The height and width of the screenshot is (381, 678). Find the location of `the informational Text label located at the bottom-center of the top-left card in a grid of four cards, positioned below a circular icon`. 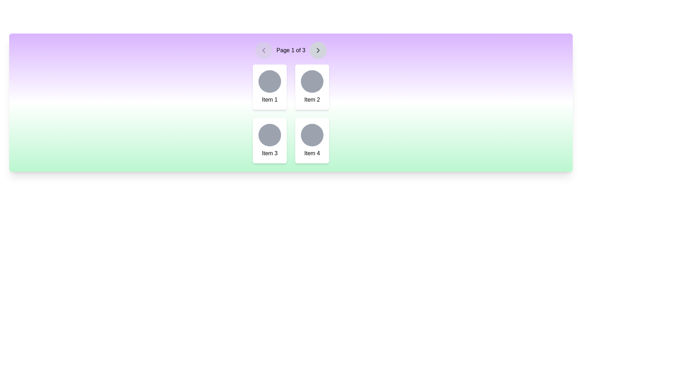

the informational Text label located at the bottom-center of the top-left card in a grid of four cards, positioned below a circular icon is located at coordinates (269, 99).